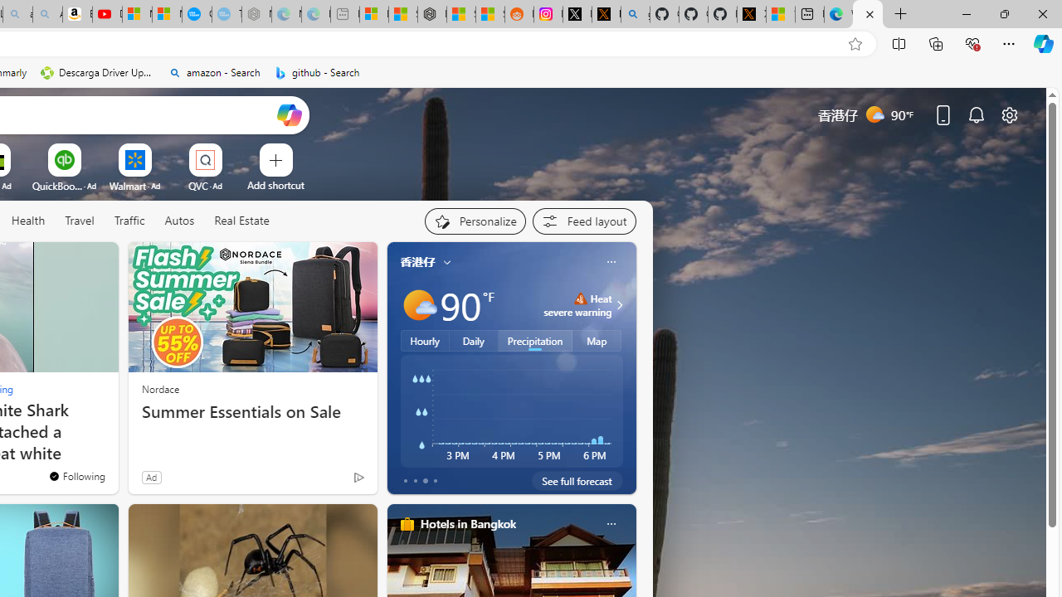  Describe the element at coordinates (425, 480) in the screenshot. I see `'tab-2'` at that location.